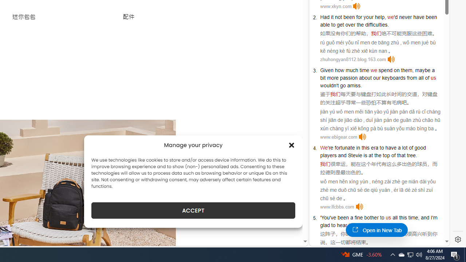  Describe the element at coordinates (359, 207) in the screenshot. I see `'Click to listen'` at that location.